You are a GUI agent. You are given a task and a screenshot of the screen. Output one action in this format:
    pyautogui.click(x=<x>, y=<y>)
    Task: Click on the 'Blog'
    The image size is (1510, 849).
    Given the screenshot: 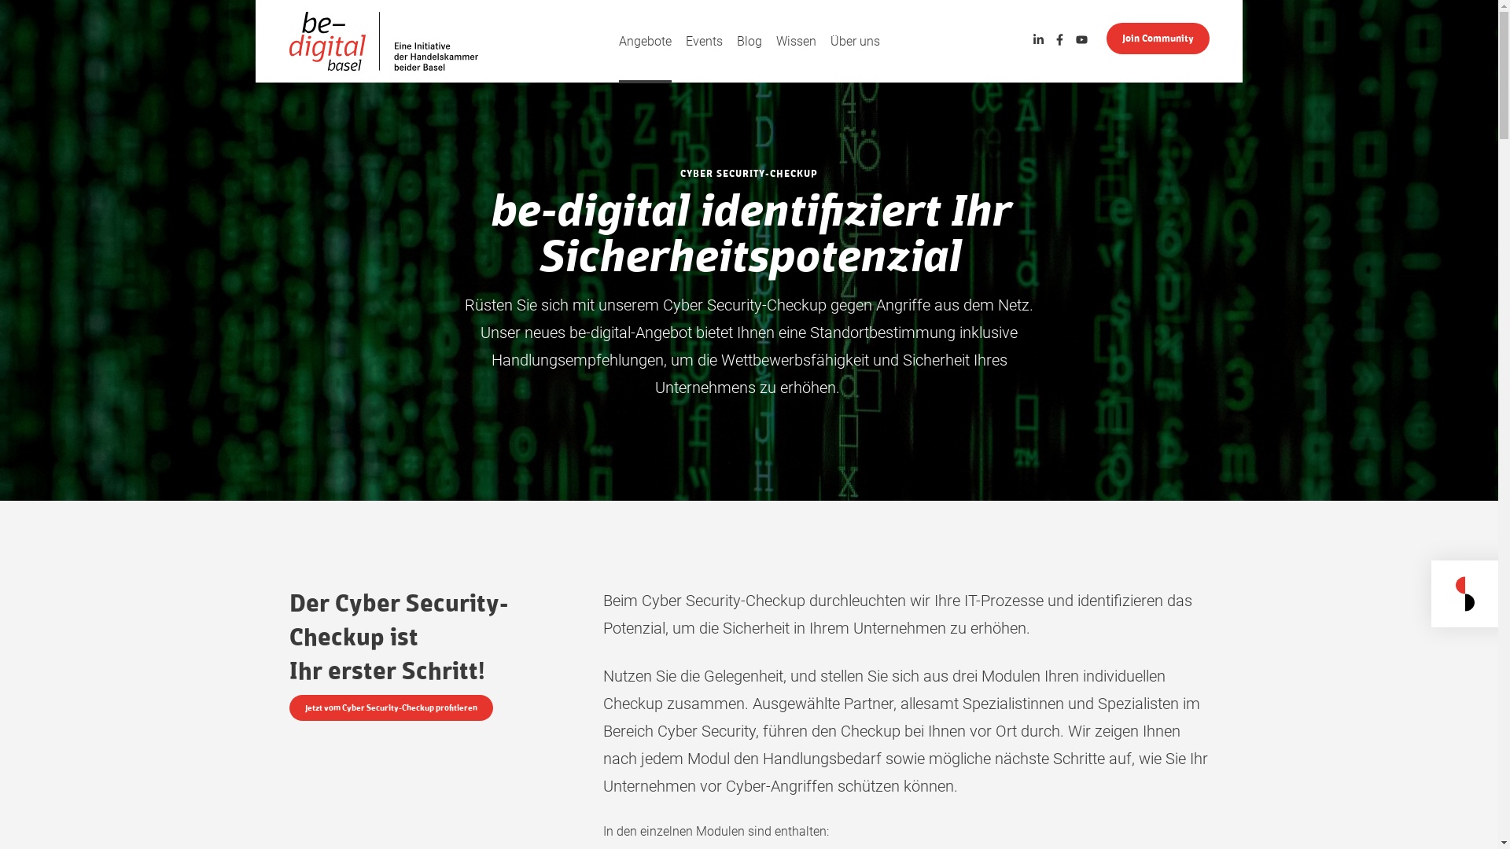 What is the action you would take?
    pyautogui.click(x=735, y=40)
    